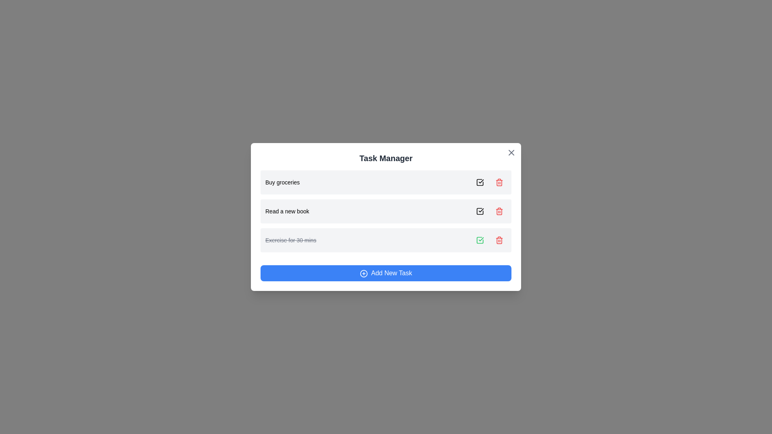 The height and width of the screenshot is (434, 772). What do you see at coordinates (499, 240) in the screenshot?
I see `the delete button icon located in the third task entry of the task manager` at bounding box center [499, 240].